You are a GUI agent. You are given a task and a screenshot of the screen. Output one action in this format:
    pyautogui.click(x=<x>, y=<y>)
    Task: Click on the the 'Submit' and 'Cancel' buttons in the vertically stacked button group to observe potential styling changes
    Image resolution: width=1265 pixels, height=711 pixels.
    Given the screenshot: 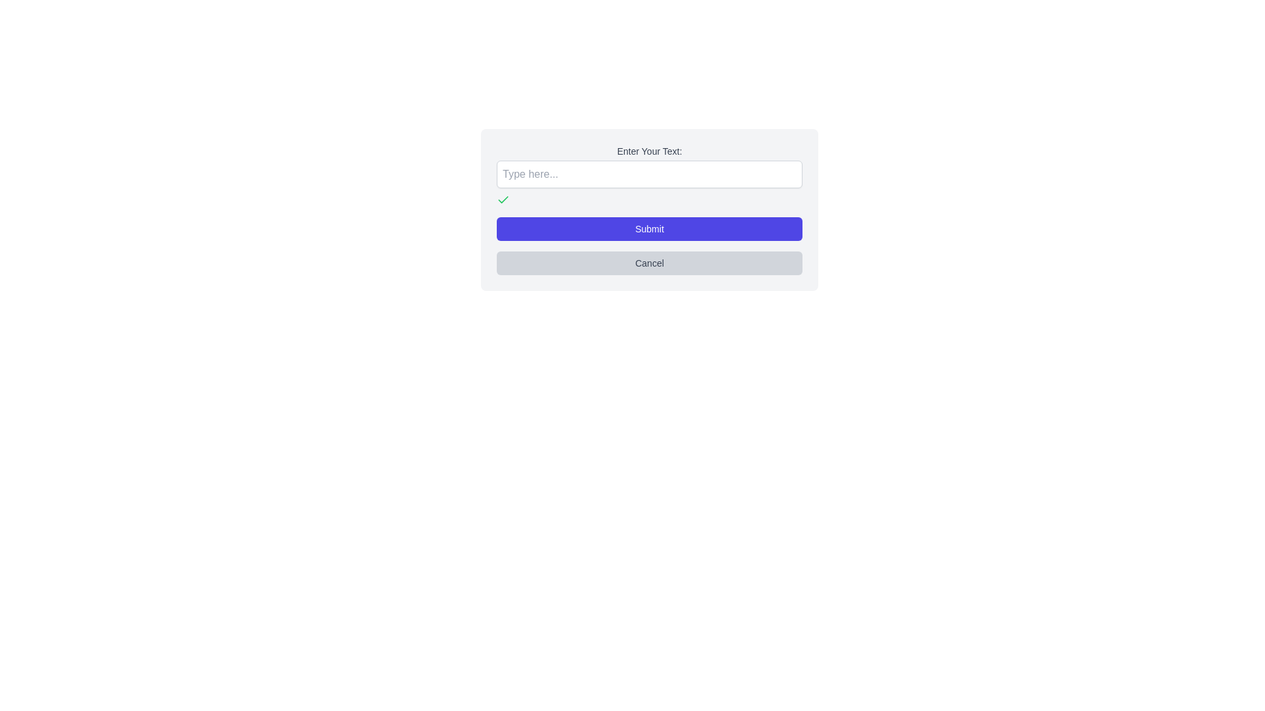 What is the action you would take?
    pyautogui.click(x=649, y=246)
    